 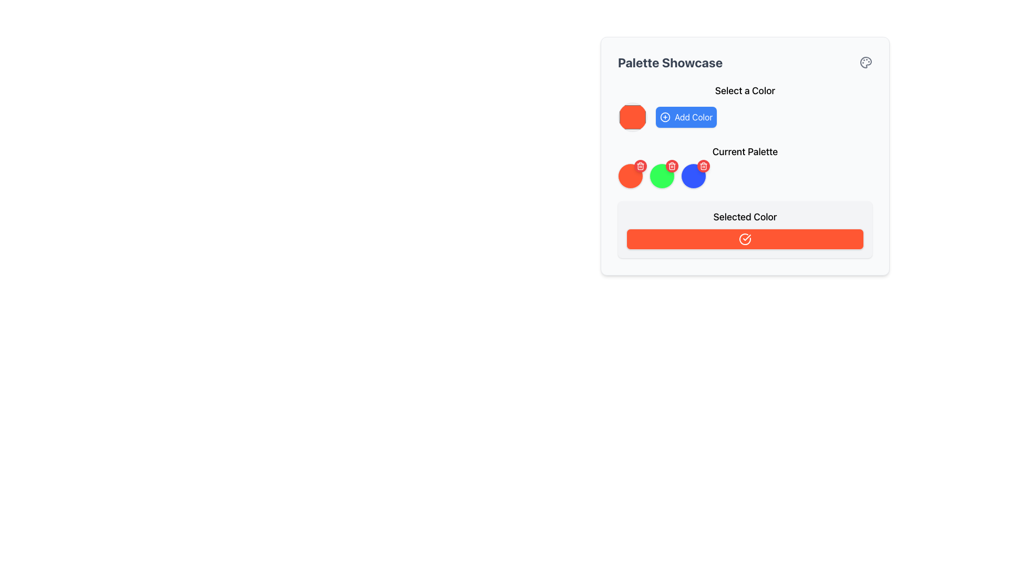 What do you see at coordinates (744, 152) in the screenshot?
I see `the 'Current Palette' label, which is a medium-weight textual label in black font, positioned above the color swatches and below the 'Add Color' button` at bounding box center [744, 152].